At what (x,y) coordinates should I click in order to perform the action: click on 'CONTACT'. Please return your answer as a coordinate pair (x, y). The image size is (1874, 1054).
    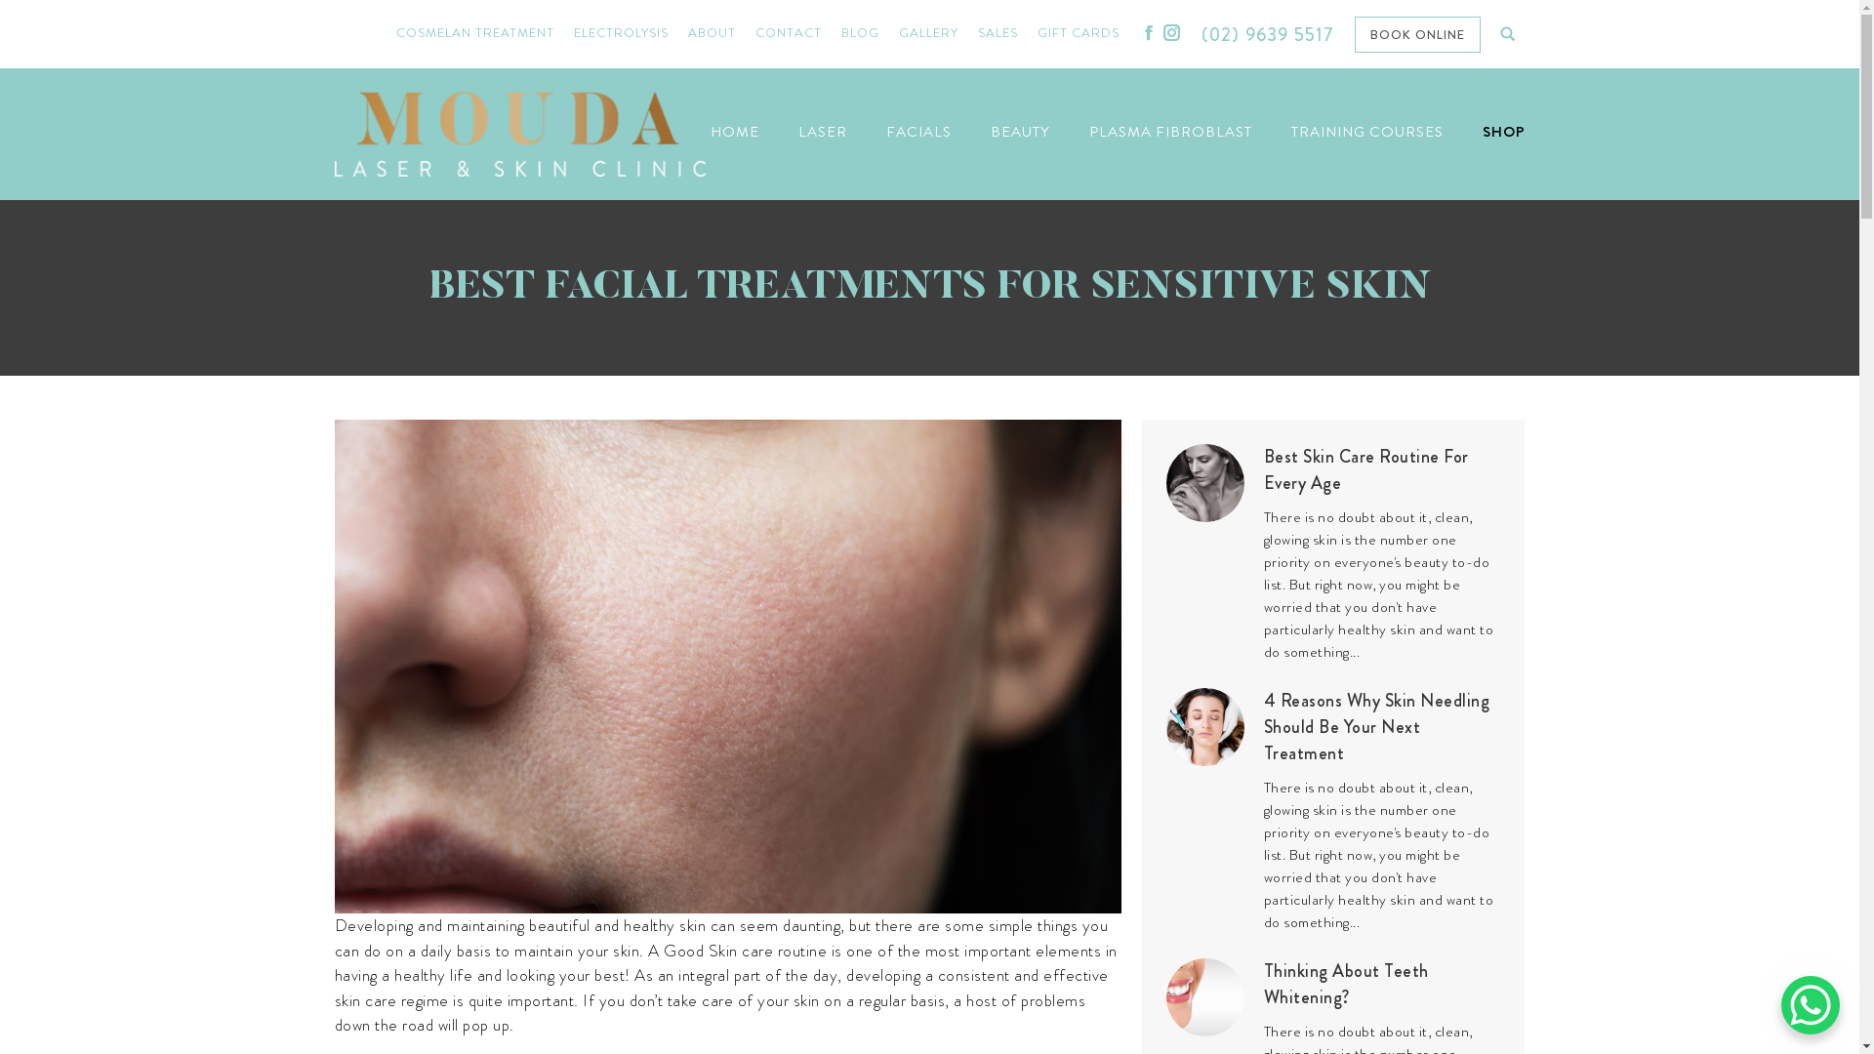
    Looking at the image, I should click on (788, 33).